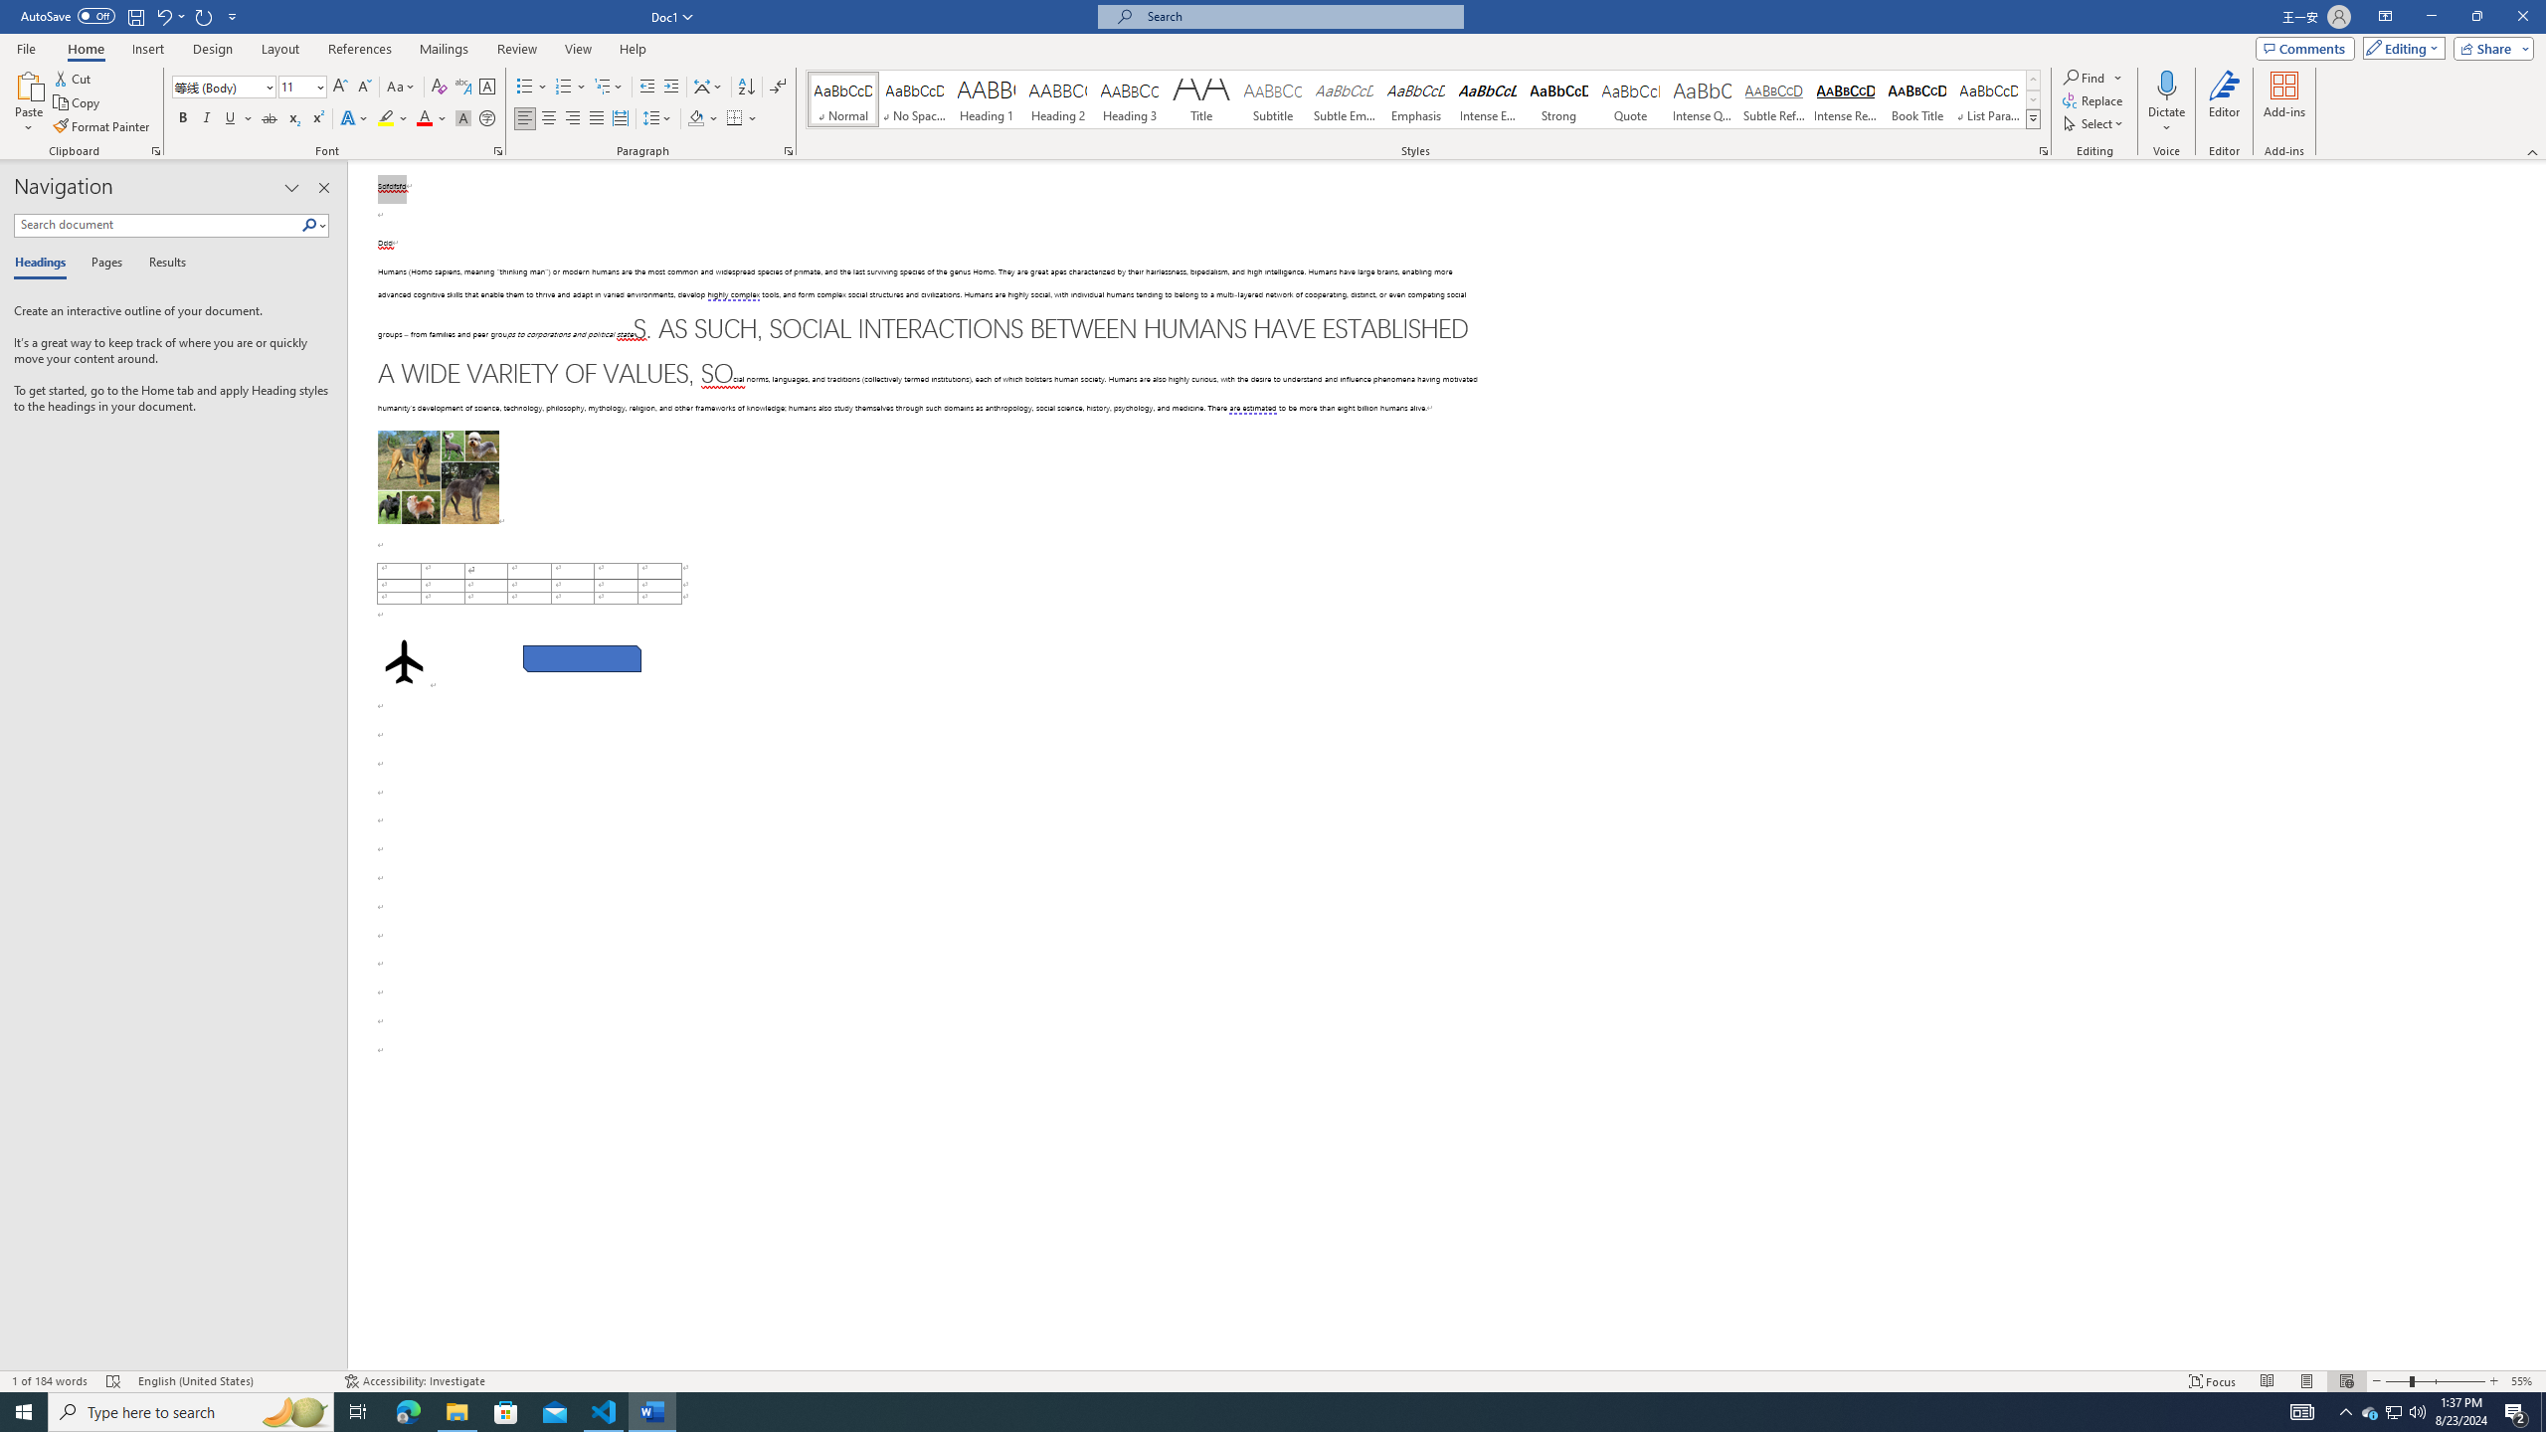 This screenshot has width=2546, height=1432. I want to click on 'Editor', so click(2225, 102).